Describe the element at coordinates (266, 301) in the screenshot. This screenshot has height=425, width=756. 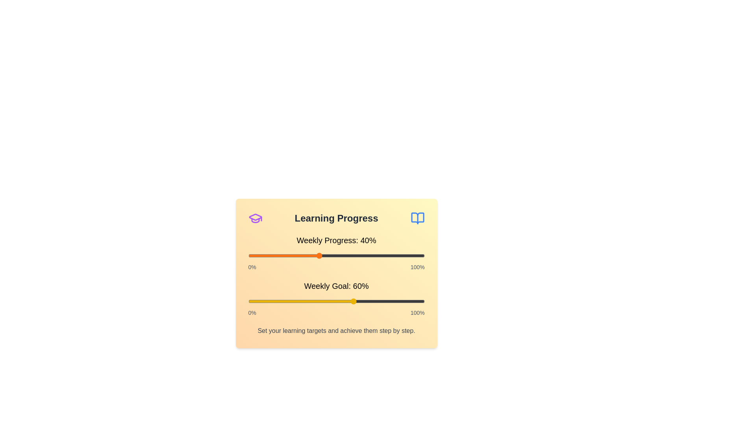
I see `the 'Weekly Goal' slider to 10%` at that location.